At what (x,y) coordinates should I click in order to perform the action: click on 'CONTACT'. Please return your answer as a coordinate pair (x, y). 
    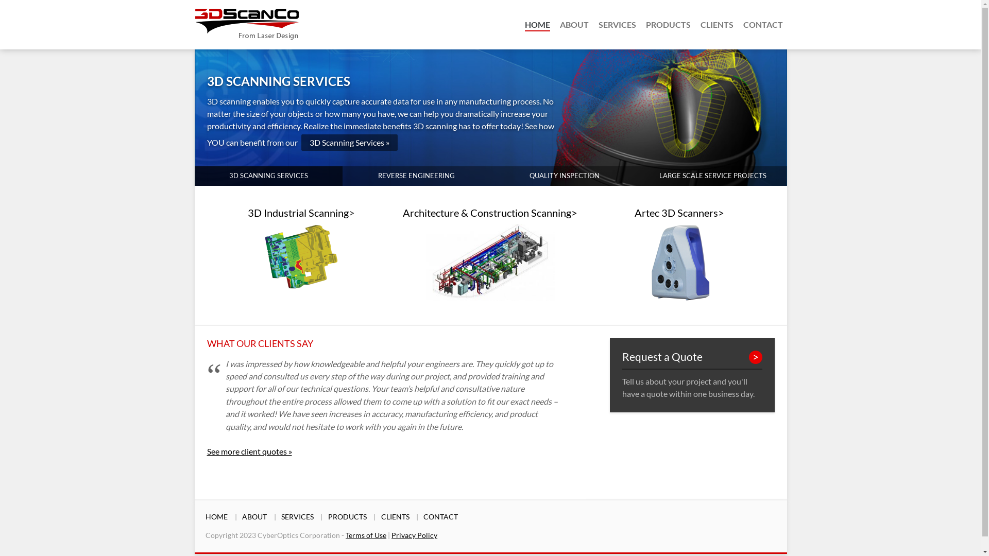
    Looking at the image, I should click on (762, 24).